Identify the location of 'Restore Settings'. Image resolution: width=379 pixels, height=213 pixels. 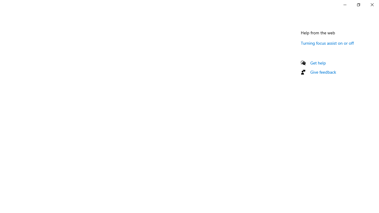
(358, 4).